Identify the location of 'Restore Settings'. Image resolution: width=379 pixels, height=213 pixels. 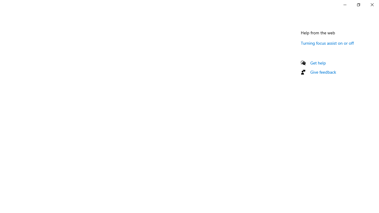
(358, 4).